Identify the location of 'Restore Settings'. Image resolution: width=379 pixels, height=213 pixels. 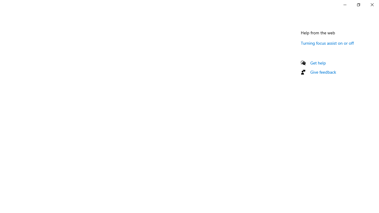
(358, 4).